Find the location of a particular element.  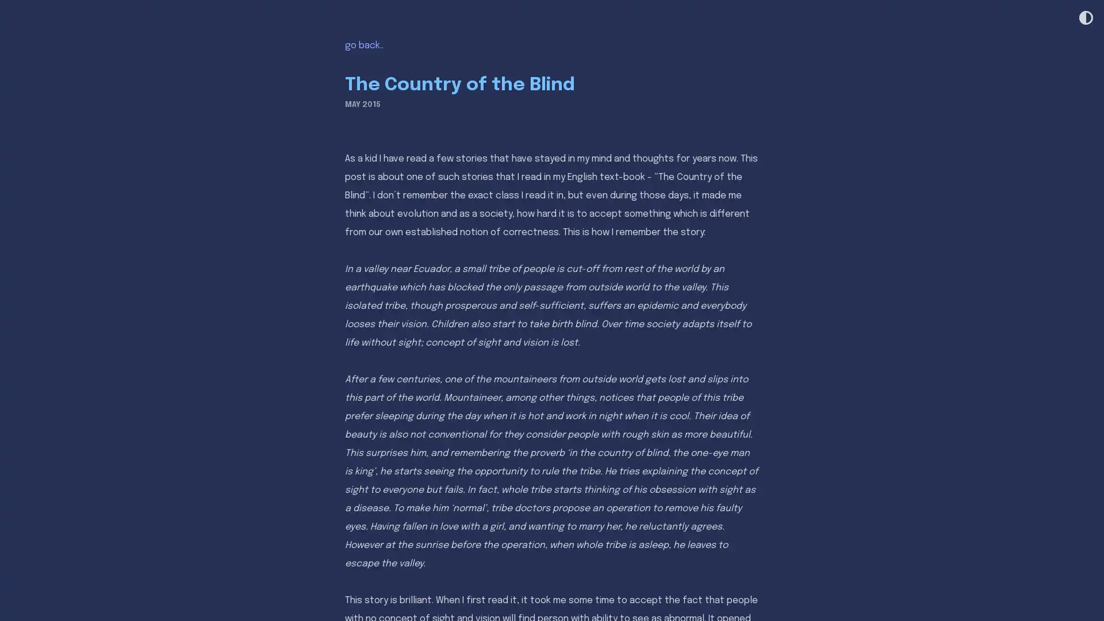

Toggle Theme is located at coordinates (1084, 18).